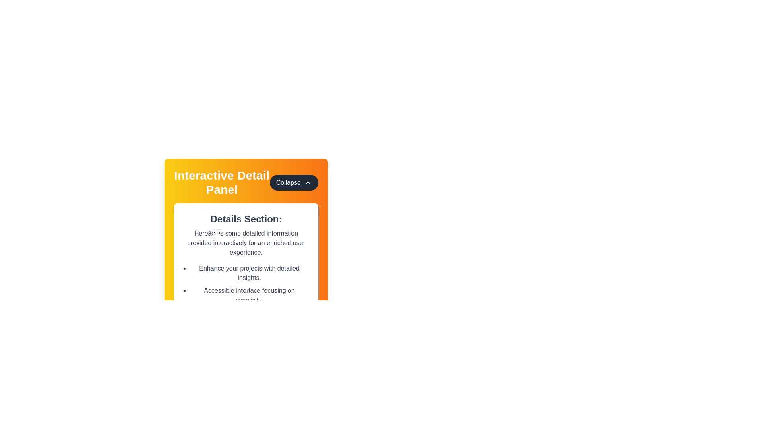  Describe the element at coordinates (249, 296) in the screenshot. I see `the second textual list item in the 'Interactive Detail Panel' that describes an accessible interface, positioned between 'Enhance your projects with detailed insights.' and 'Dynamic interactions improve engagement.'` at that location.